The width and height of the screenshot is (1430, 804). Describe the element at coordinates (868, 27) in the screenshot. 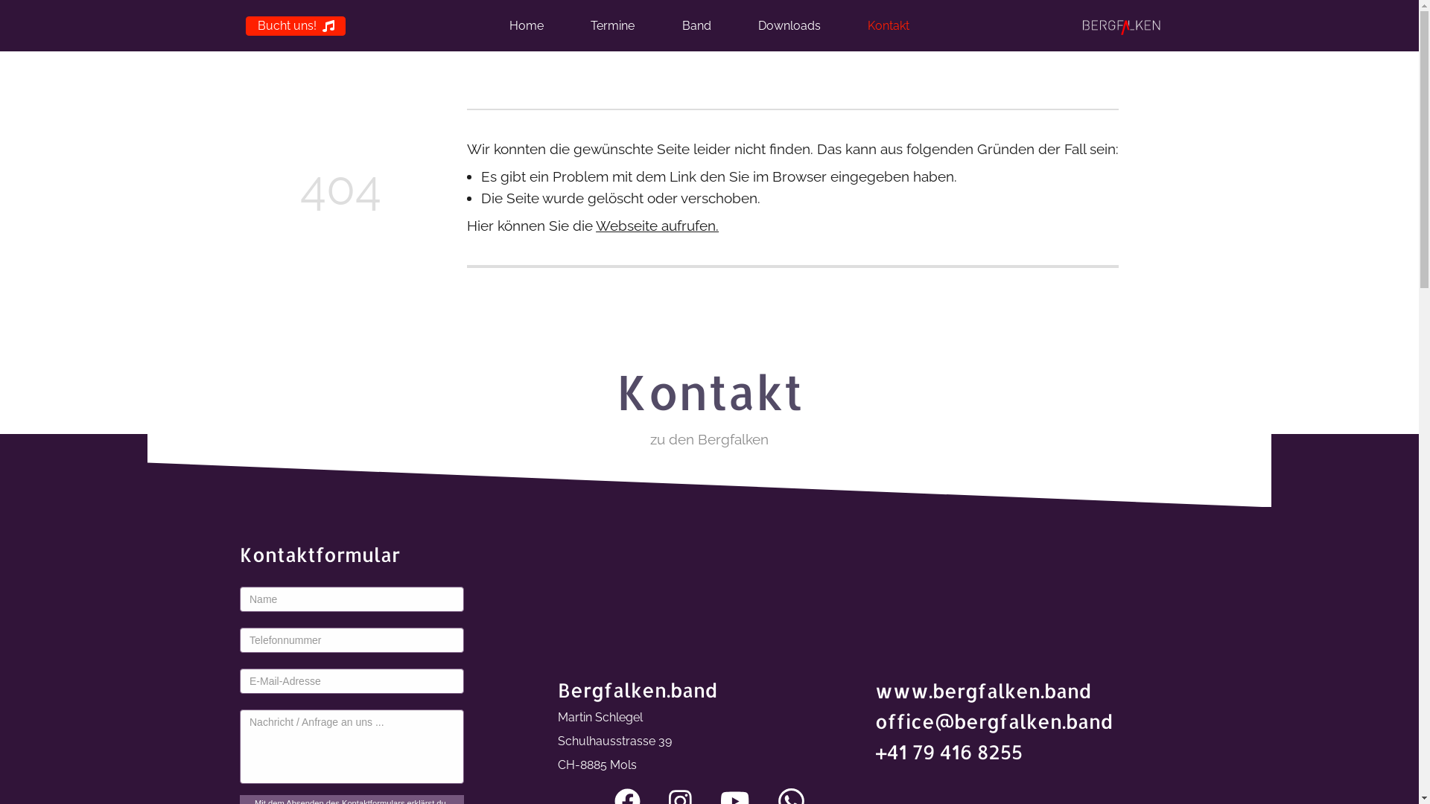

I see `'Kontakt'` at that location.